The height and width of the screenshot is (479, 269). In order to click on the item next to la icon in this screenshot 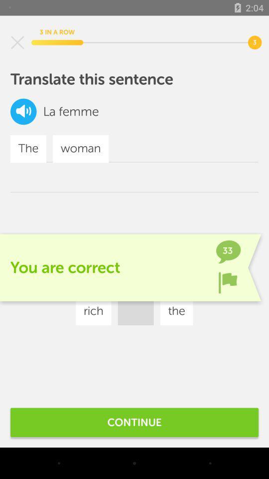, I will do `click(23, 111)`.